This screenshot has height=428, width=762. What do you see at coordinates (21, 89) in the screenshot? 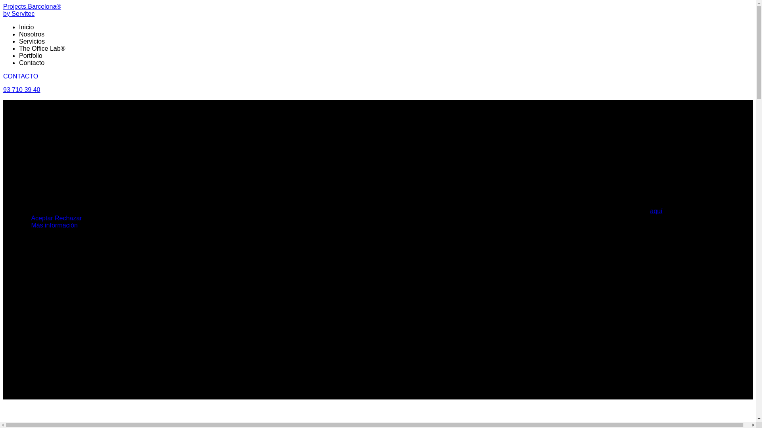
I see `'93 710 39 40'` at bounding box center [21, 89].